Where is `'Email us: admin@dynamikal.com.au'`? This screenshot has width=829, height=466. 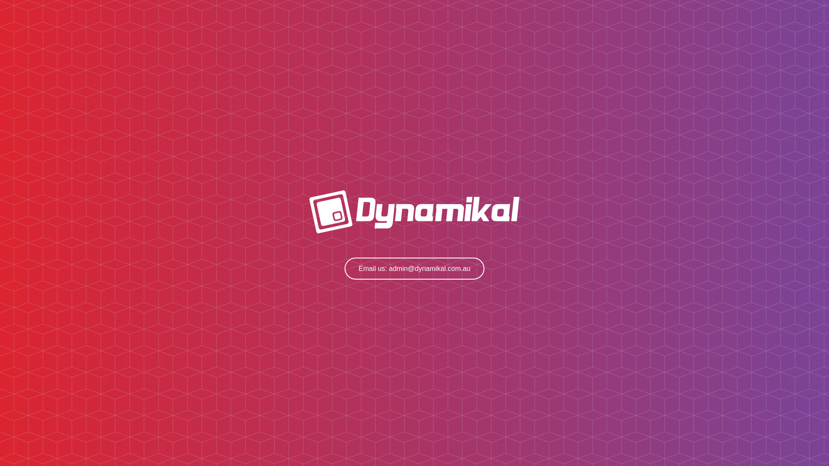
'Email us: admin@dynamikal.com.au' is located at coordinates (414, 268).